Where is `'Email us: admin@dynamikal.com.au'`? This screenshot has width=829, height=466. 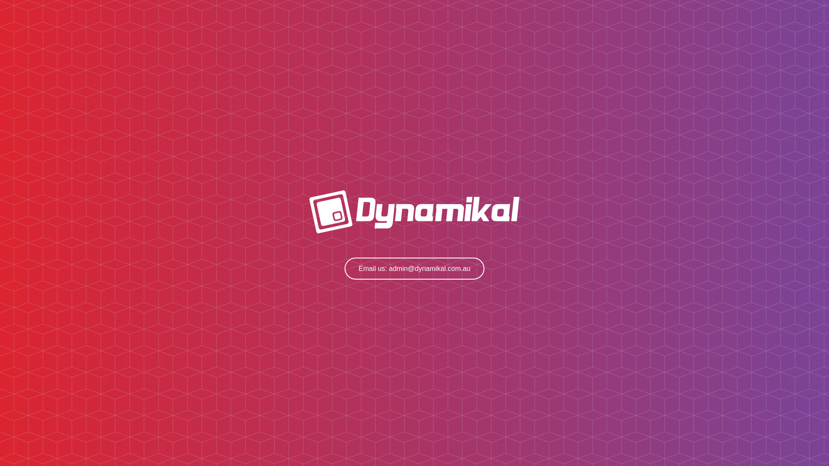
'Email us: admin@dynamikal.com.au' is located at coordinates (414, 268).